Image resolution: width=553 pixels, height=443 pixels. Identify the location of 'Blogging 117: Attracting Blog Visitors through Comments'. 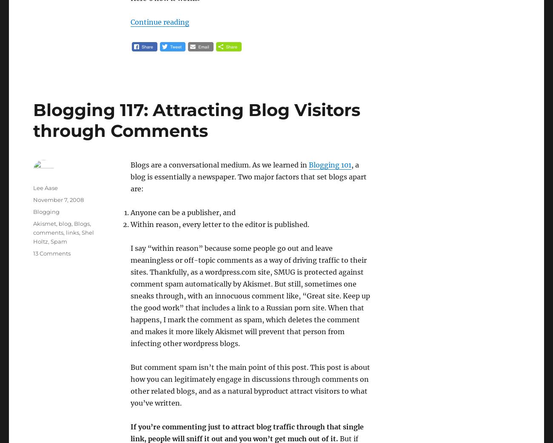
(33, 120).